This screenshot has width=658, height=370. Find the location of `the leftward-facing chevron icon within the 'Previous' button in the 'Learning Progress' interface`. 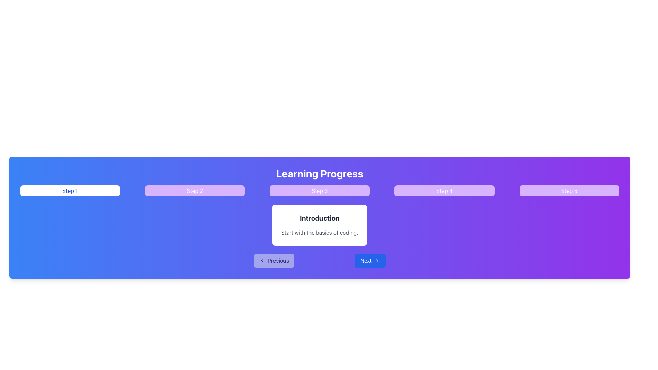

the leftward-facing chevron icon within the 'Previous' button in the 'Learning Progress' interface is located at coordinates (261, 260).